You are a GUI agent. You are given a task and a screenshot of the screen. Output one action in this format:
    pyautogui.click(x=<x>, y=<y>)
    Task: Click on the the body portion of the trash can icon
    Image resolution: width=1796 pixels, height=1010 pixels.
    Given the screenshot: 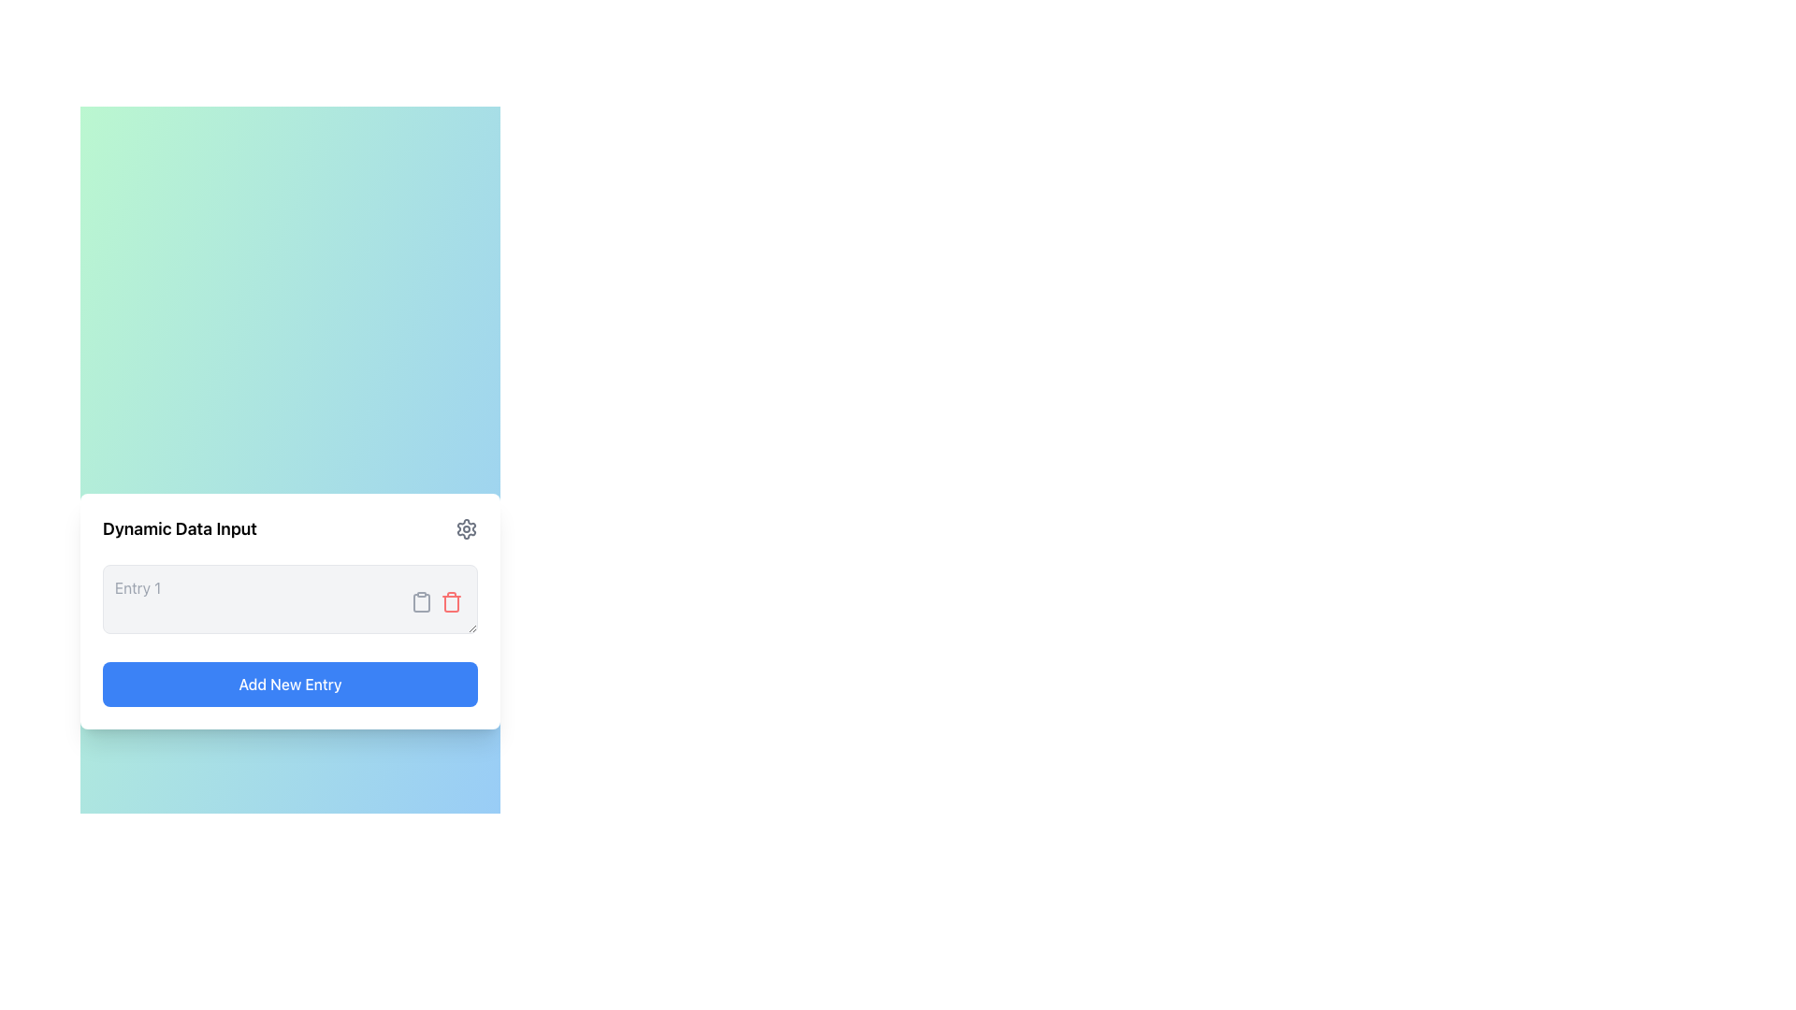 What is the action you would take?
    pyautogui.click(x=452, y=603)
    